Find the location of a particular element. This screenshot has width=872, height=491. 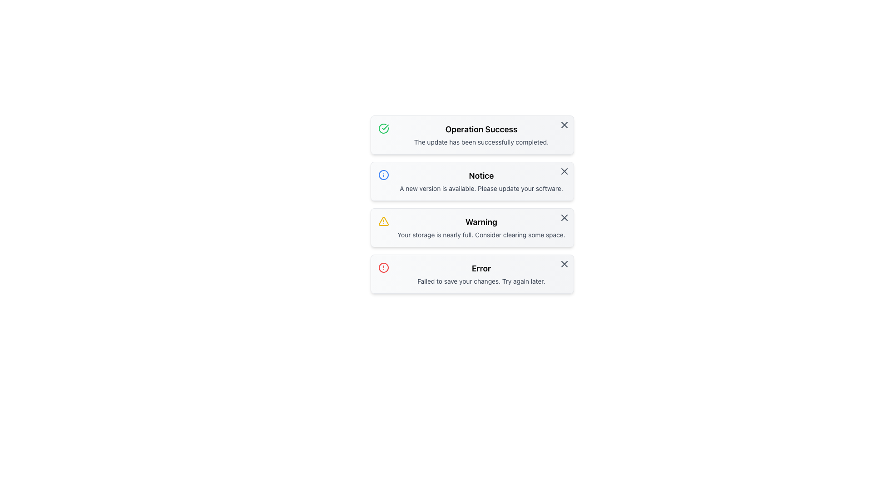

text displayed in the notification card stating 'Your storage is nearly full. Consider clearing some space.' which is located below the heading 'Warning' in the third card from the top is located at coordinates (481, 234).